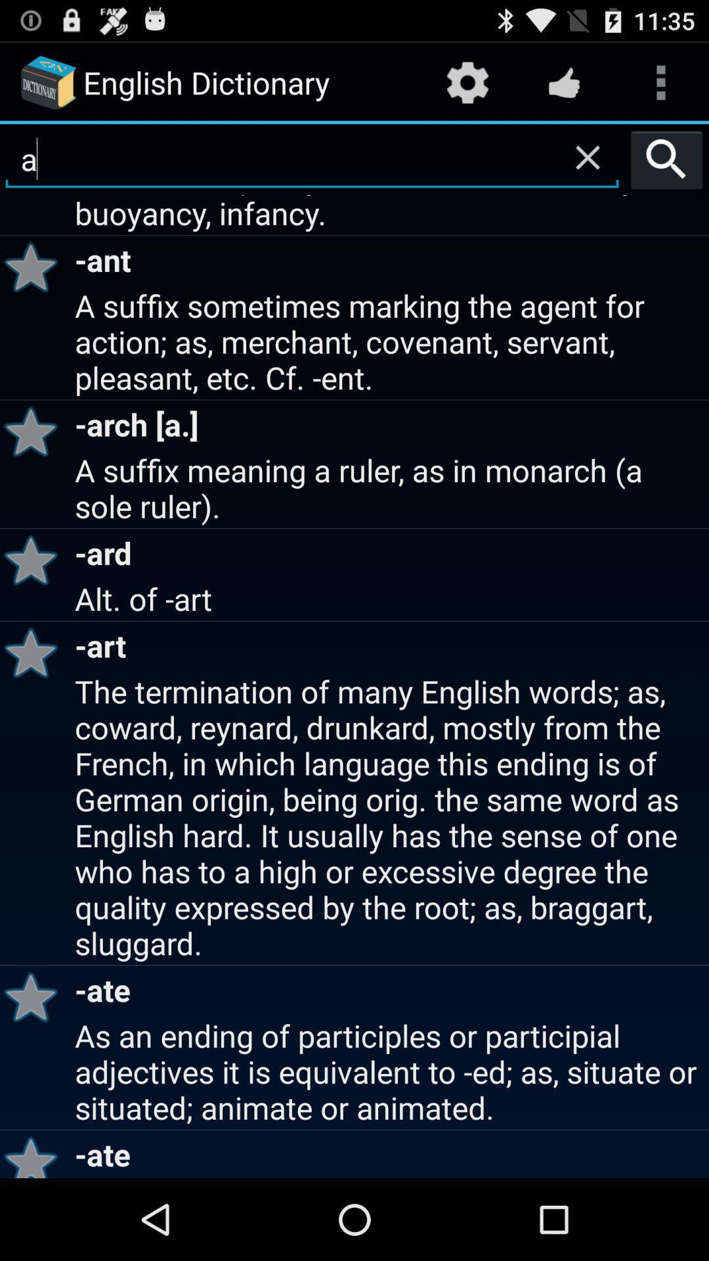 The height and width of the screenshot is (1261, 709). I want to click on the app to the right of english dictionary icon, so click(467, 81).